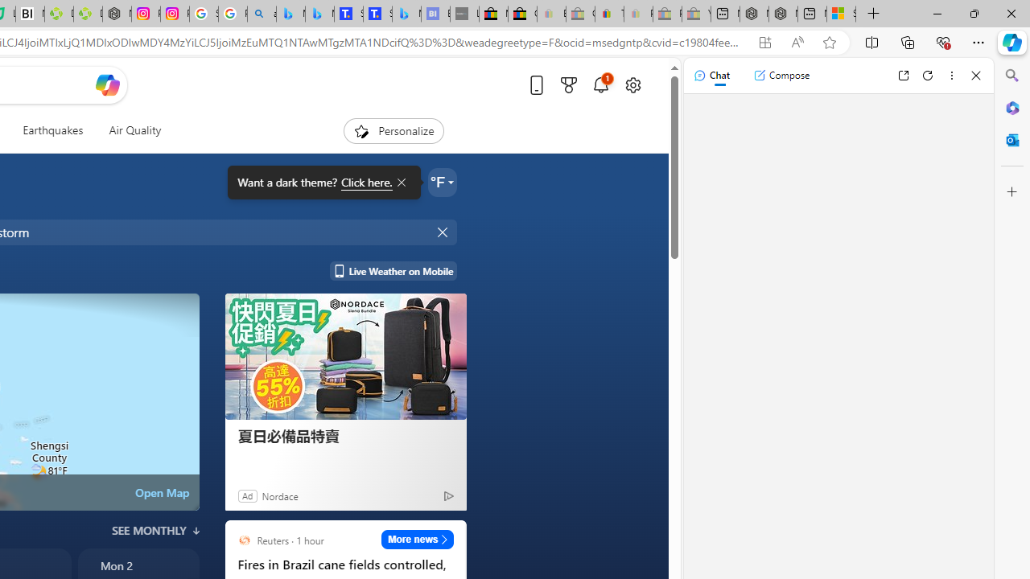 The height and width of the screenshot is (579, 1030). What do you see at coordinates (608, 14) in the screenshot?
I see `'Threats and offensive language policy | eBay'` at bounding box center [608, 14].